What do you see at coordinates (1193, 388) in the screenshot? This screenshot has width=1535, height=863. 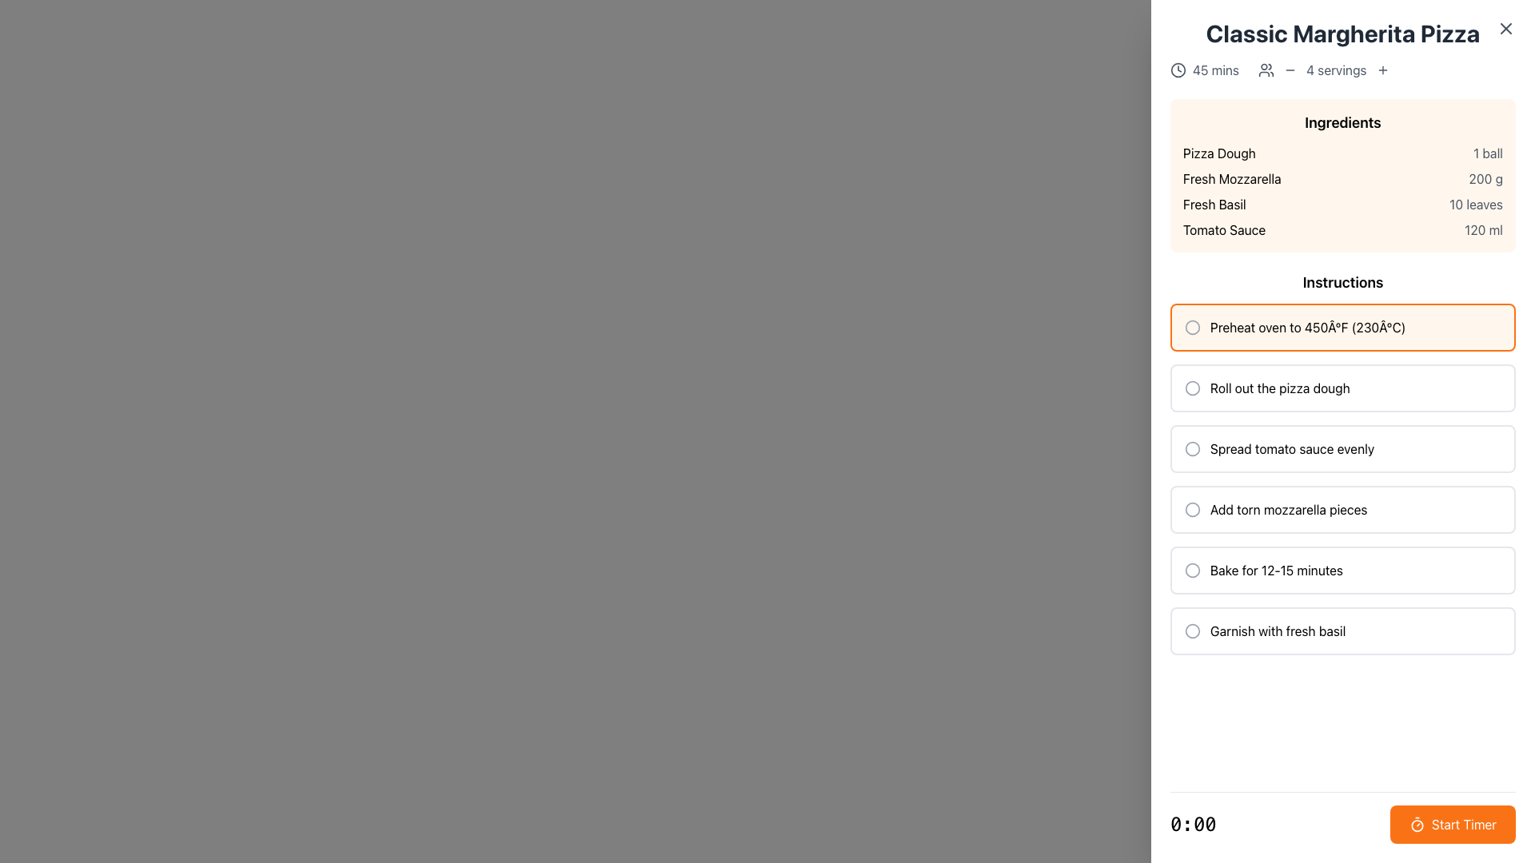 I see `the circular instructional indicator aligned with the step 'Roll out the pizza dough'` at bounding box center [1193, 388].